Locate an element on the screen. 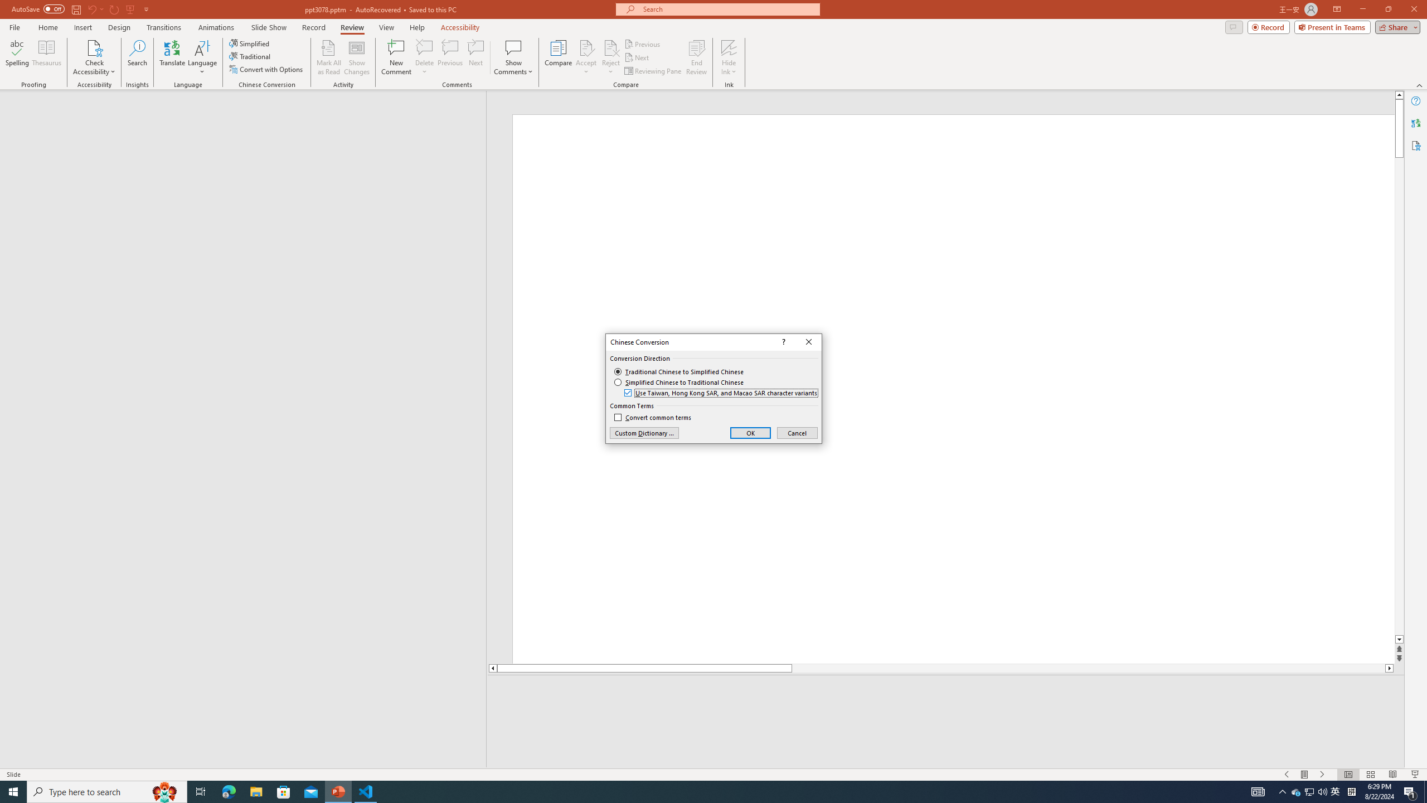 This screenshot has height=803, width=1427. 'Outline' is located at coordinates (247, 113).